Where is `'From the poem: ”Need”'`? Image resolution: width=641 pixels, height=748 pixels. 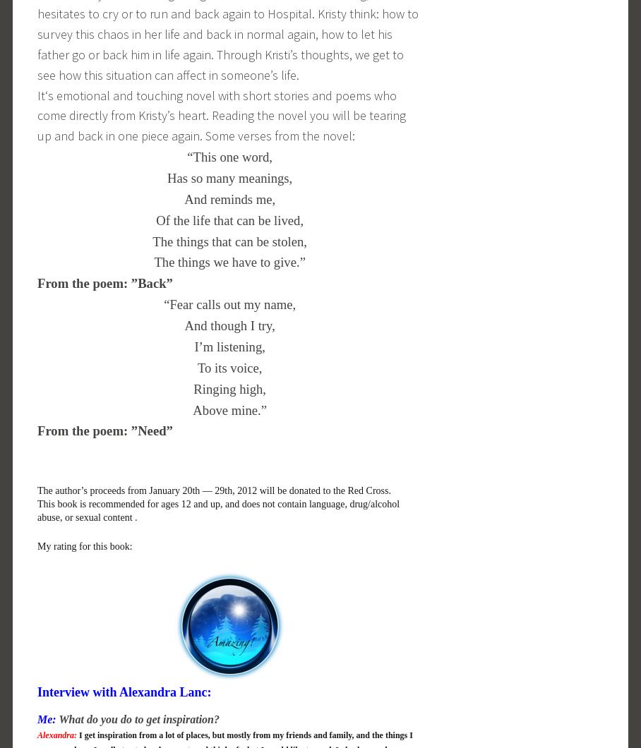 'From the poem: ”Need”' is located at coordinates (104, 430).